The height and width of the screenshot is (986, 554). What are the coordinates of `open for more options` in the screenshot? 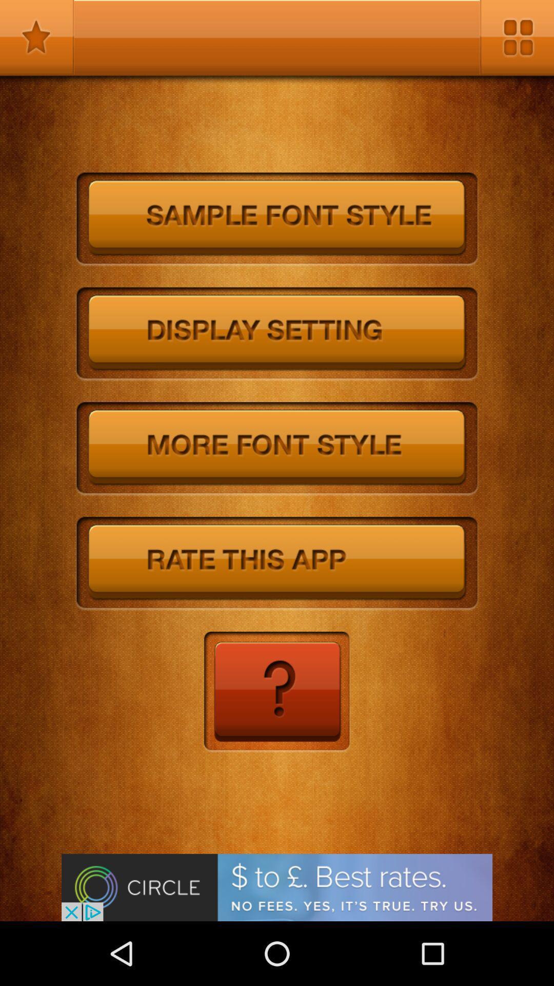 It's located at (517, 37).